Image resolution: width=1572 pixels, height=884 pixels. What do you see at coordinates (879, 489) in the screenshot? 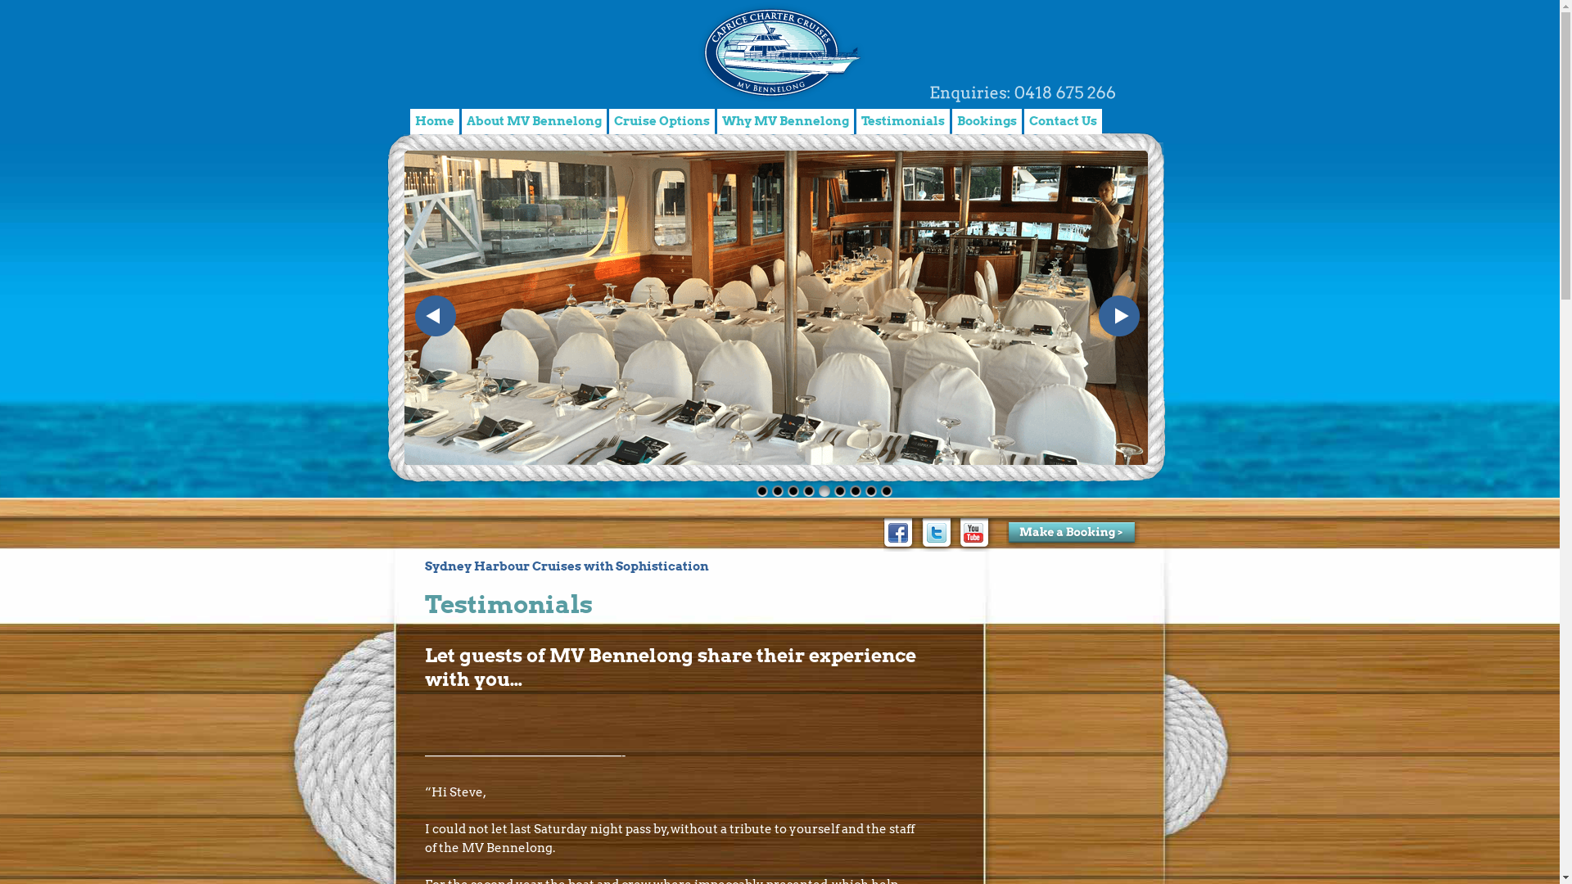
I see `'9'` at bounding box center [879, 489].